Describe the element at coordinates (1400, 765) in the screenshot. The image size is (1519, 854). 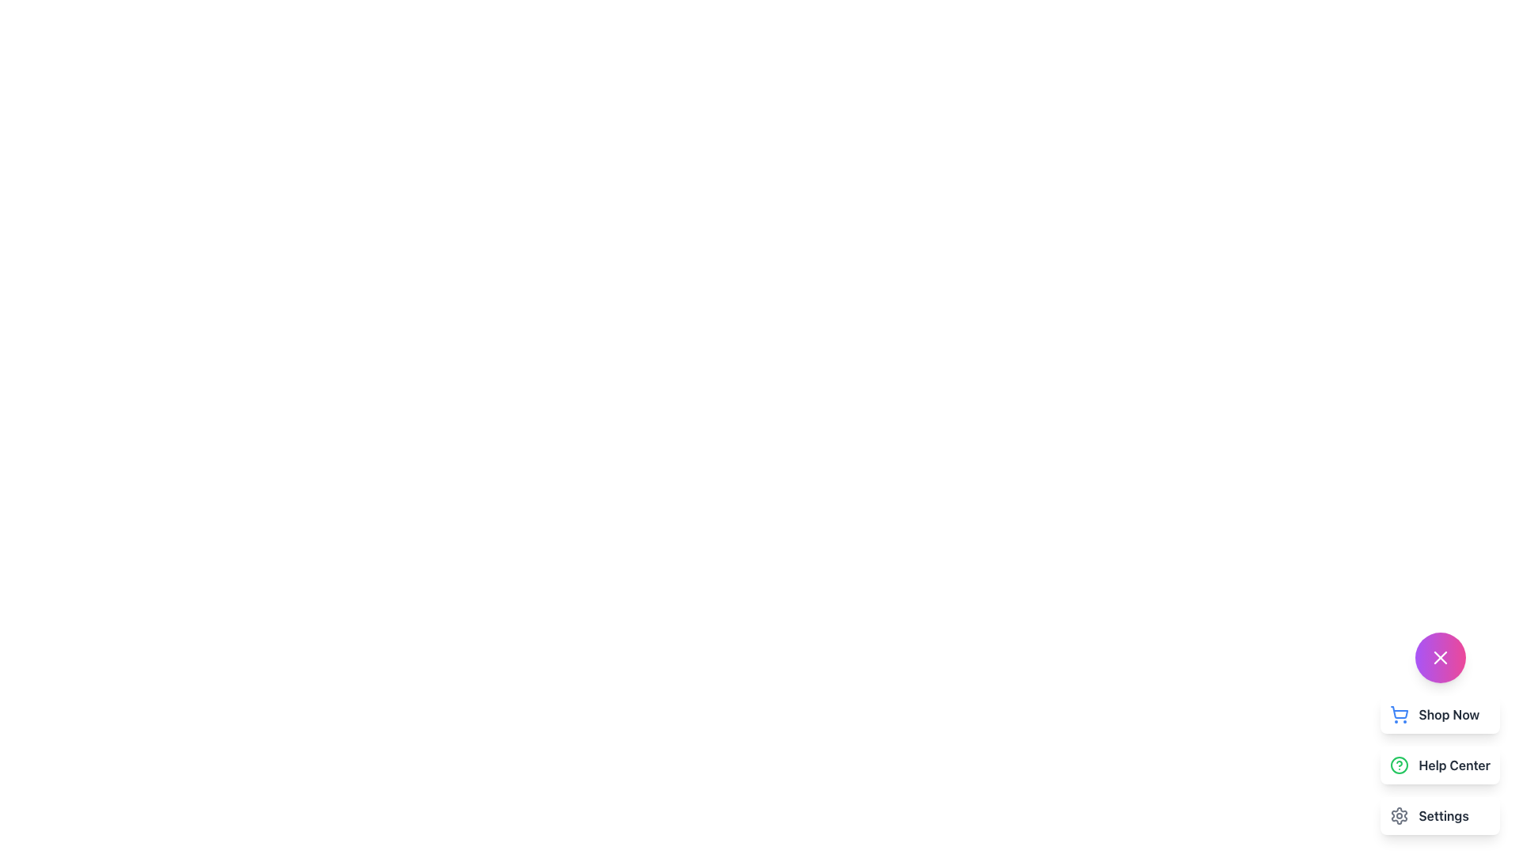
I see `the help icon located in the right-hand menu, adjacent to the 'Help Center' label, which is the middle icon in a vertical stack of three icons` at that location.